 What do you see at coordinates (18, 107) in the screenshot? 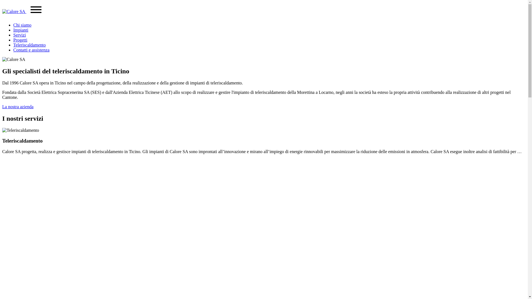
I see `'La nostra azienda'` at bounding box center [18, 107].